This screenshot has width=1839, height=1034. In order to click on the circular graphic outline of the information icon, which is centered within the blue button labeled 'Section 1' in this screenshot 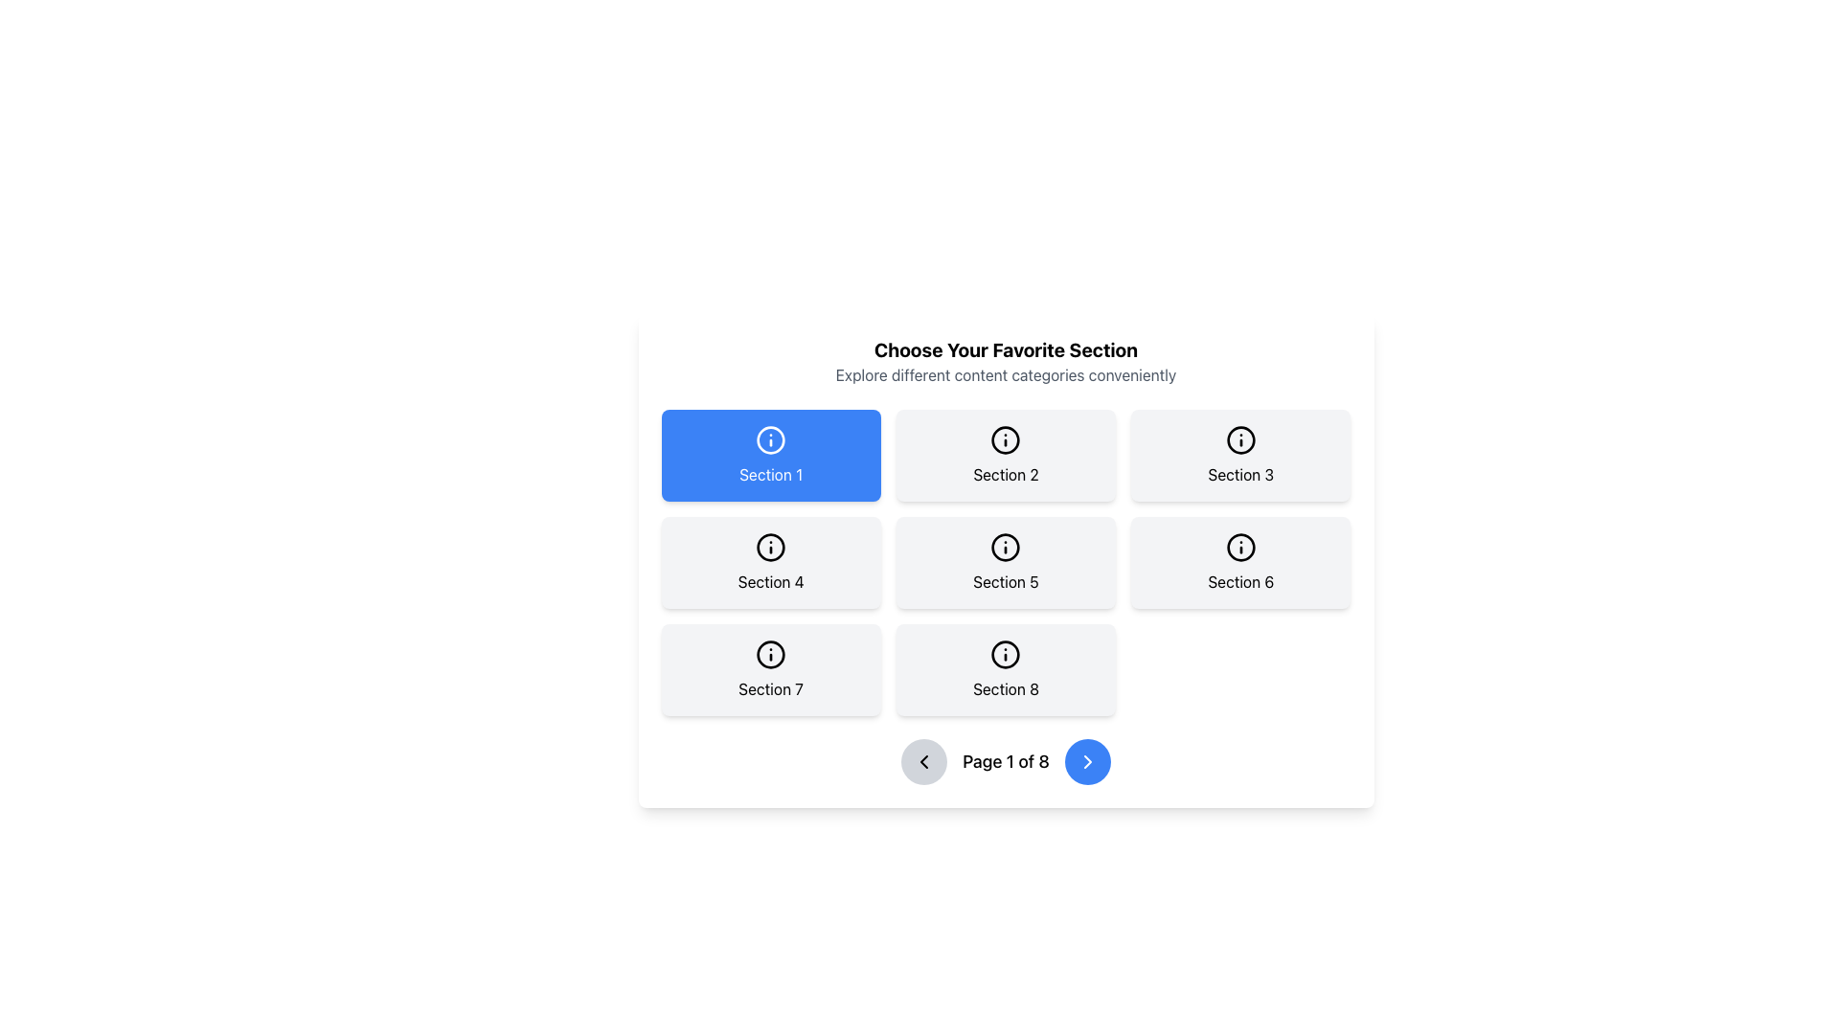, I will do `click(771, 439)`.